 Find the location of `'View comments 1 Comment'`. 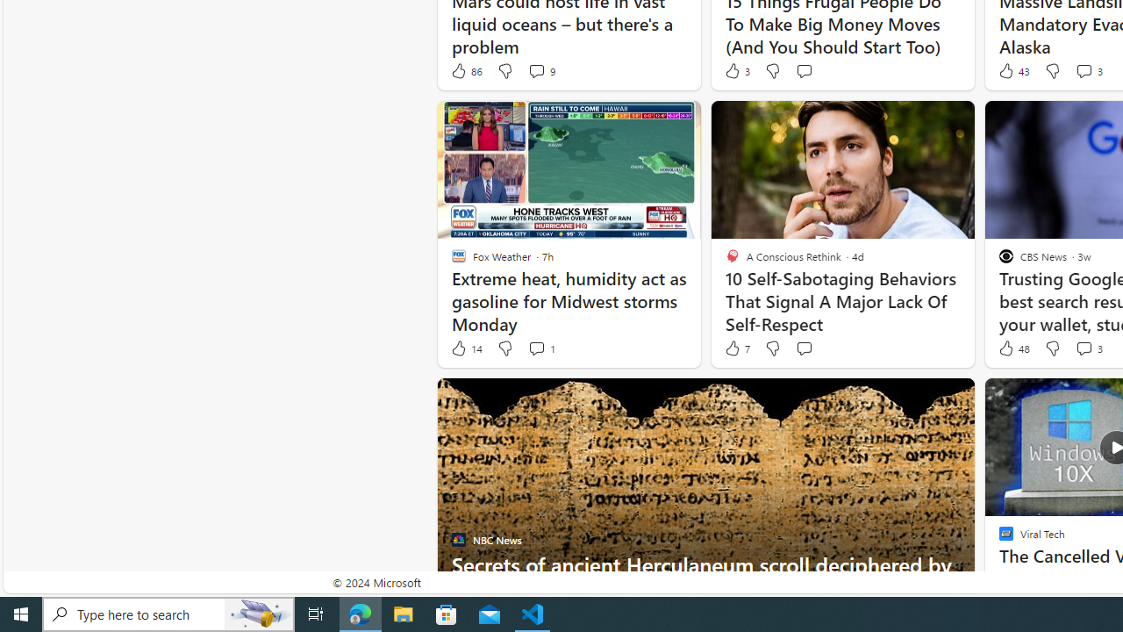

'View comments 1 Comment' is located at coordinates (540, 348).